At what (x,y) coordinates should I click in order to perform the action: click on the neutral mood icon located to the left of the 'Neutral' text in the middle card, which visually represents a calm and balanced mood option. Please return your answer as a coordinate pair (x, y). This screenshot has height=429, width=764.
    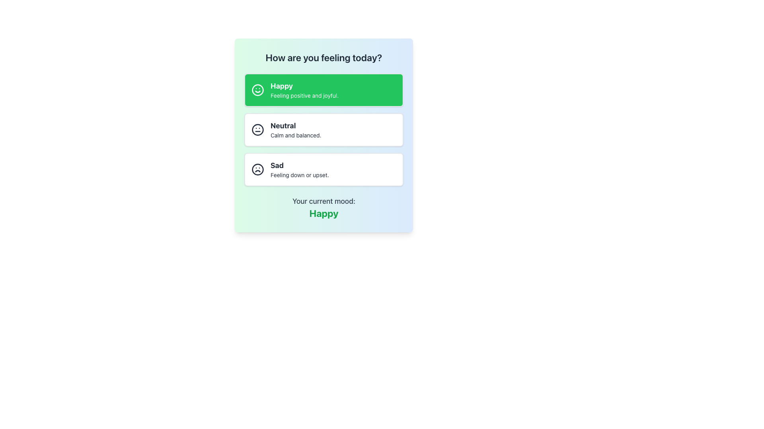
    Looking at the image, I should click on (258, 129).